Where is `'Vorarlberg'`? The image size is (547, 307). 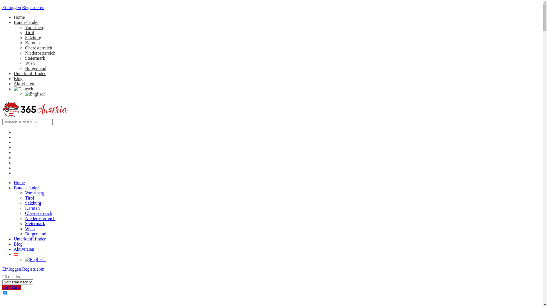
'Vorarlberg' is located at coordinates (34, 27).